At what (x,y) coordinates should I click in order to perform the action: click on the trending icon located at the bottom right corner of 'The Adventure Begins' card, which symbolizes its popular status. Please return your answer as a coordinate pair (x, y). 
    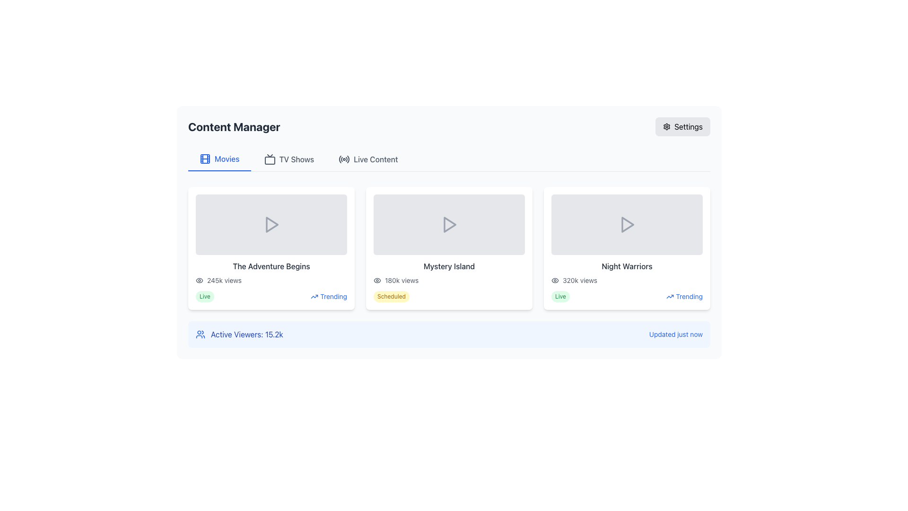
    Looking at the image, I should click on (314, 296).